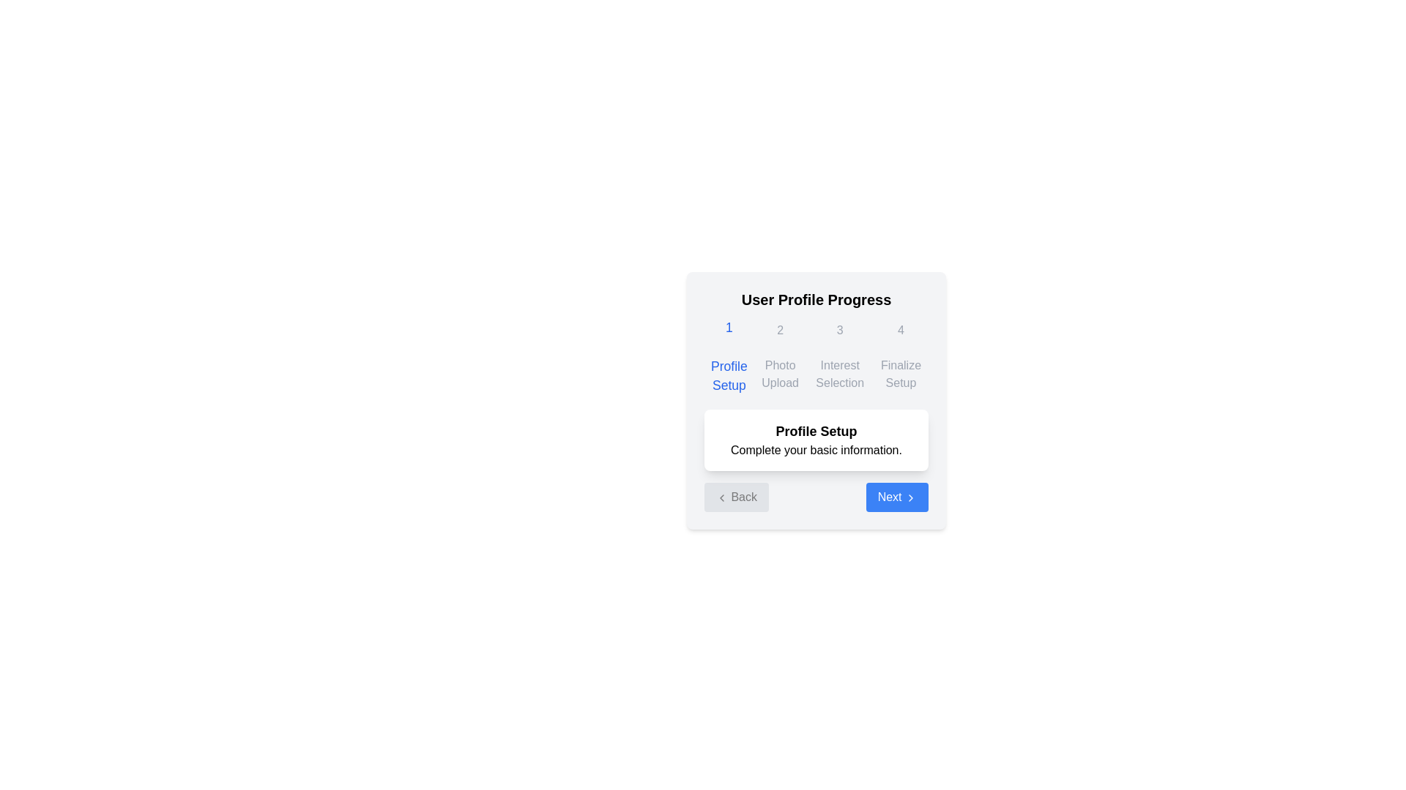 This screenshot has height=790, width=1406. I want to click on the progress indicator which indicates the second step in a multi-step process, positioned above the 'Photo Upload' label, so click(779, 336).